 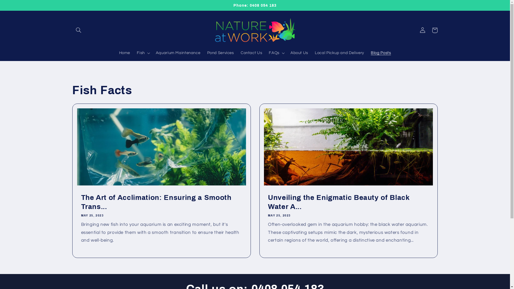 What do you see at coordinates (299, 53) in the screenshot?
I see `'About Us'` at bounding box center [299, 53].